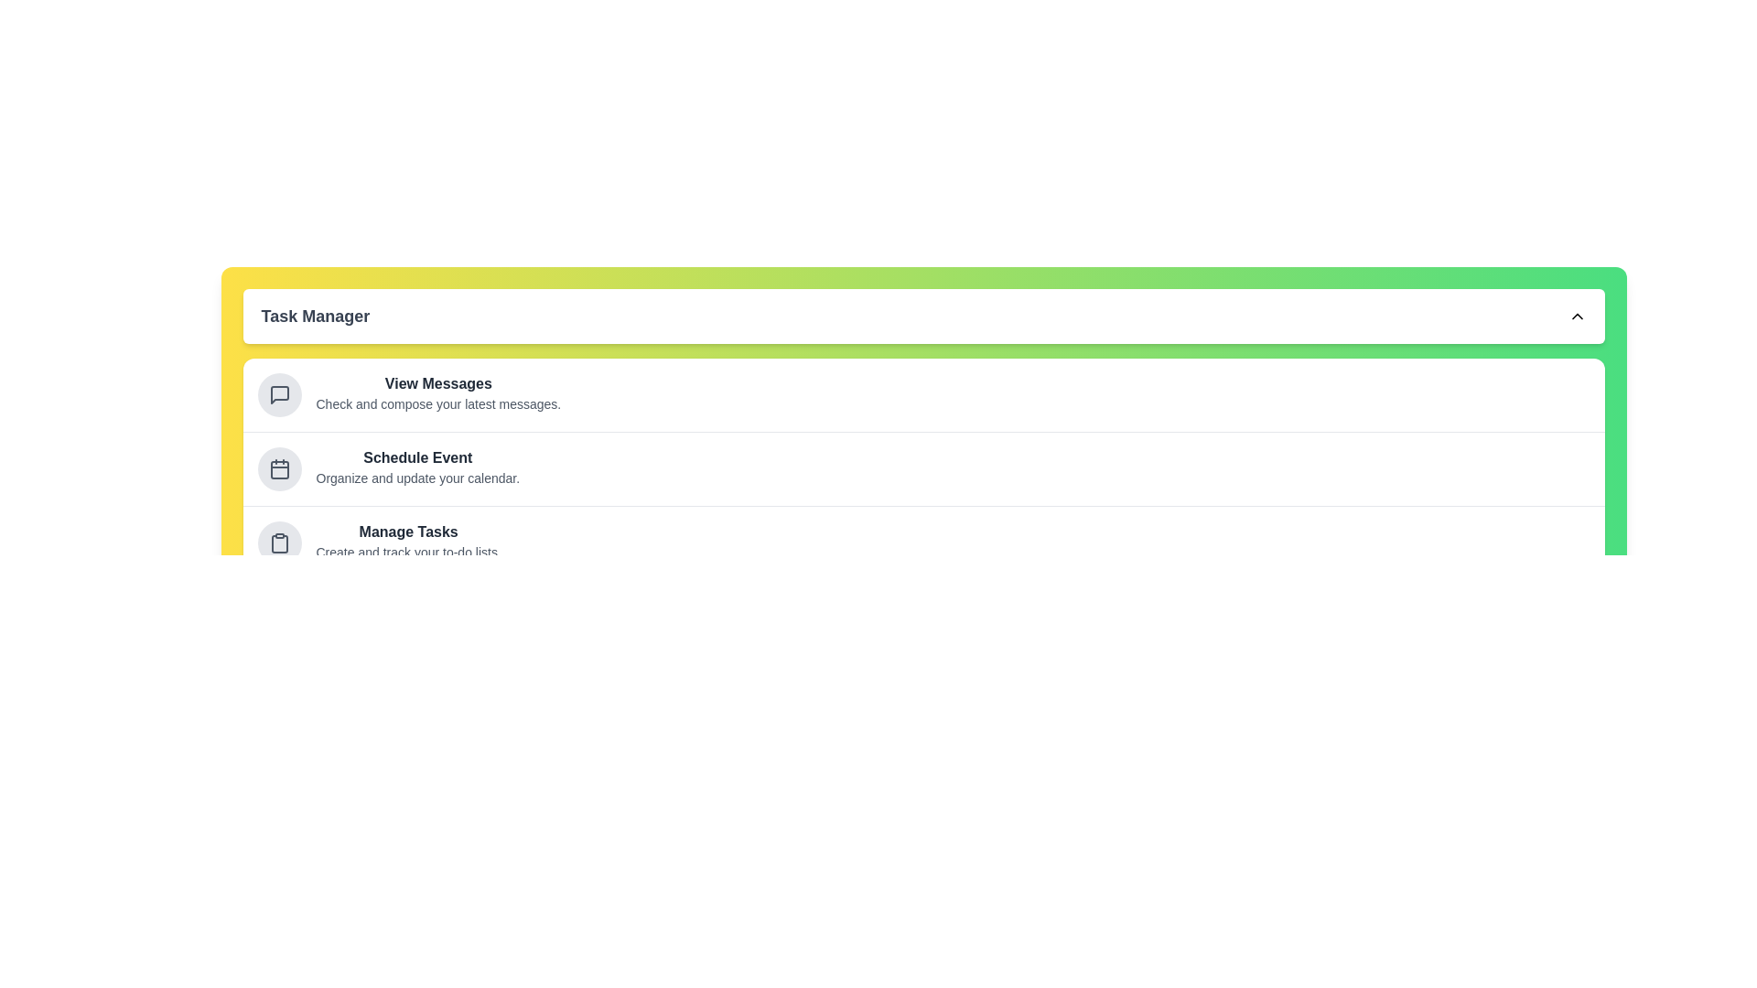  Describe the element at coordinates (278, 542) in the screenshot. I see `the task item Manage Tasks from the list` at that location.